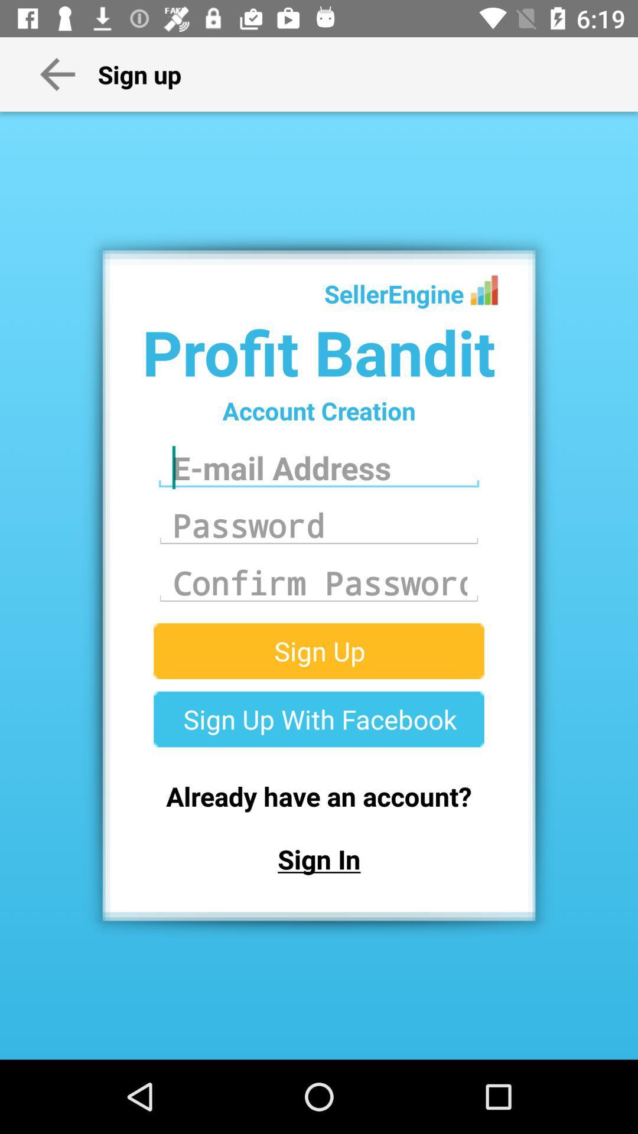  I want to click on password, so click(319, 583).